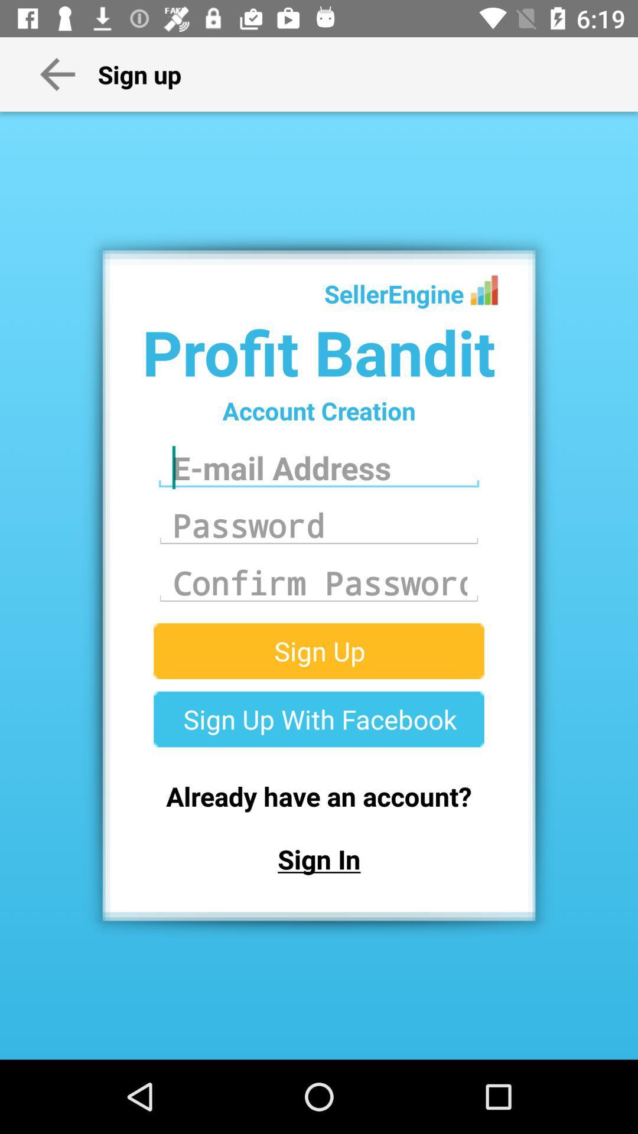  I want to click on password, so click(319, 583).